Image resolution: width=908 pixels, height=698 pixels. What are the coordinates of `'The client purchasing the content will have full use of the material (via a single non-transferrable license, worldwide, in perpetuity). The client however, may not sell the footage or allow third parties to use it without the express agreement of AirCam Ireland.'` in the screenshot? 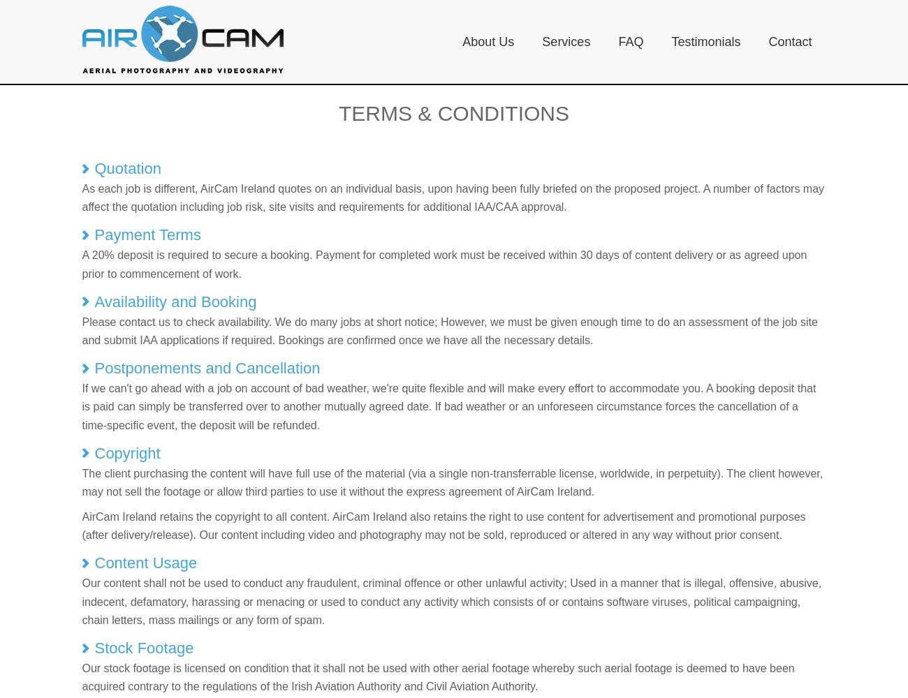 It's located at (452, 481).